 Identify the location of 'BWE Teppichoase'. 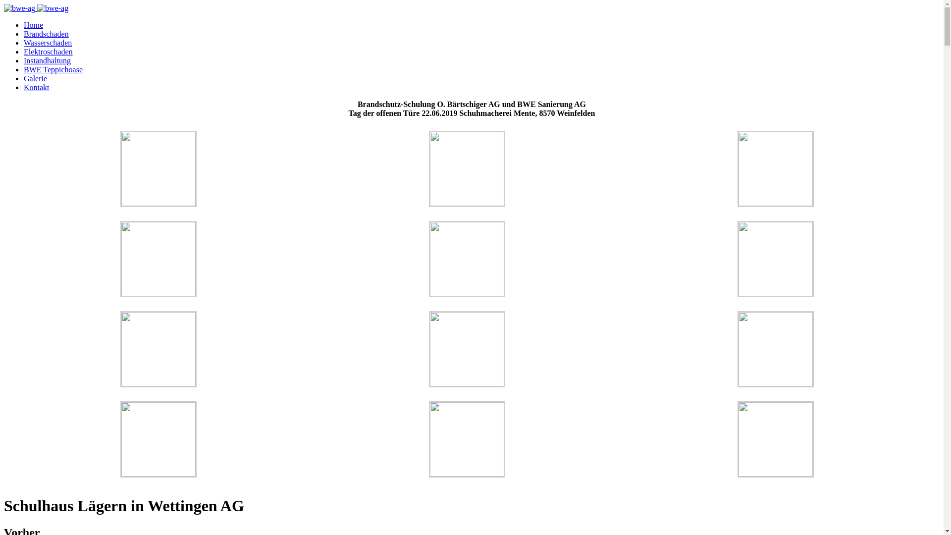
(53, 69).